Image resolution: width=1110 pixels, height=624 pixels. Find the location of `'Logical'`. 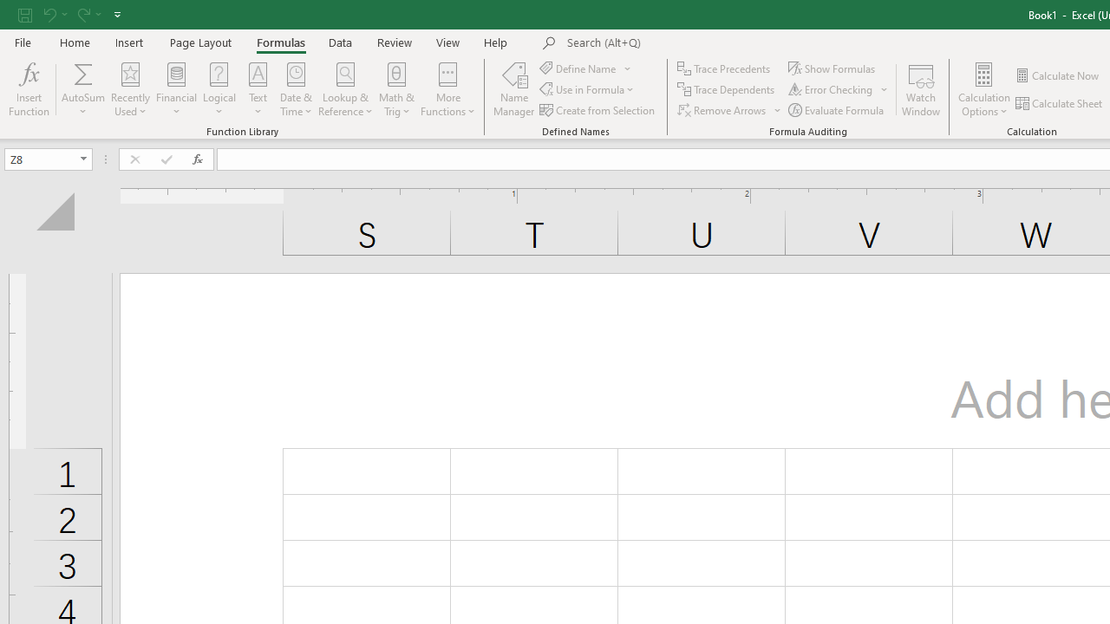

'Logical' is located at coordinates (219, 89).